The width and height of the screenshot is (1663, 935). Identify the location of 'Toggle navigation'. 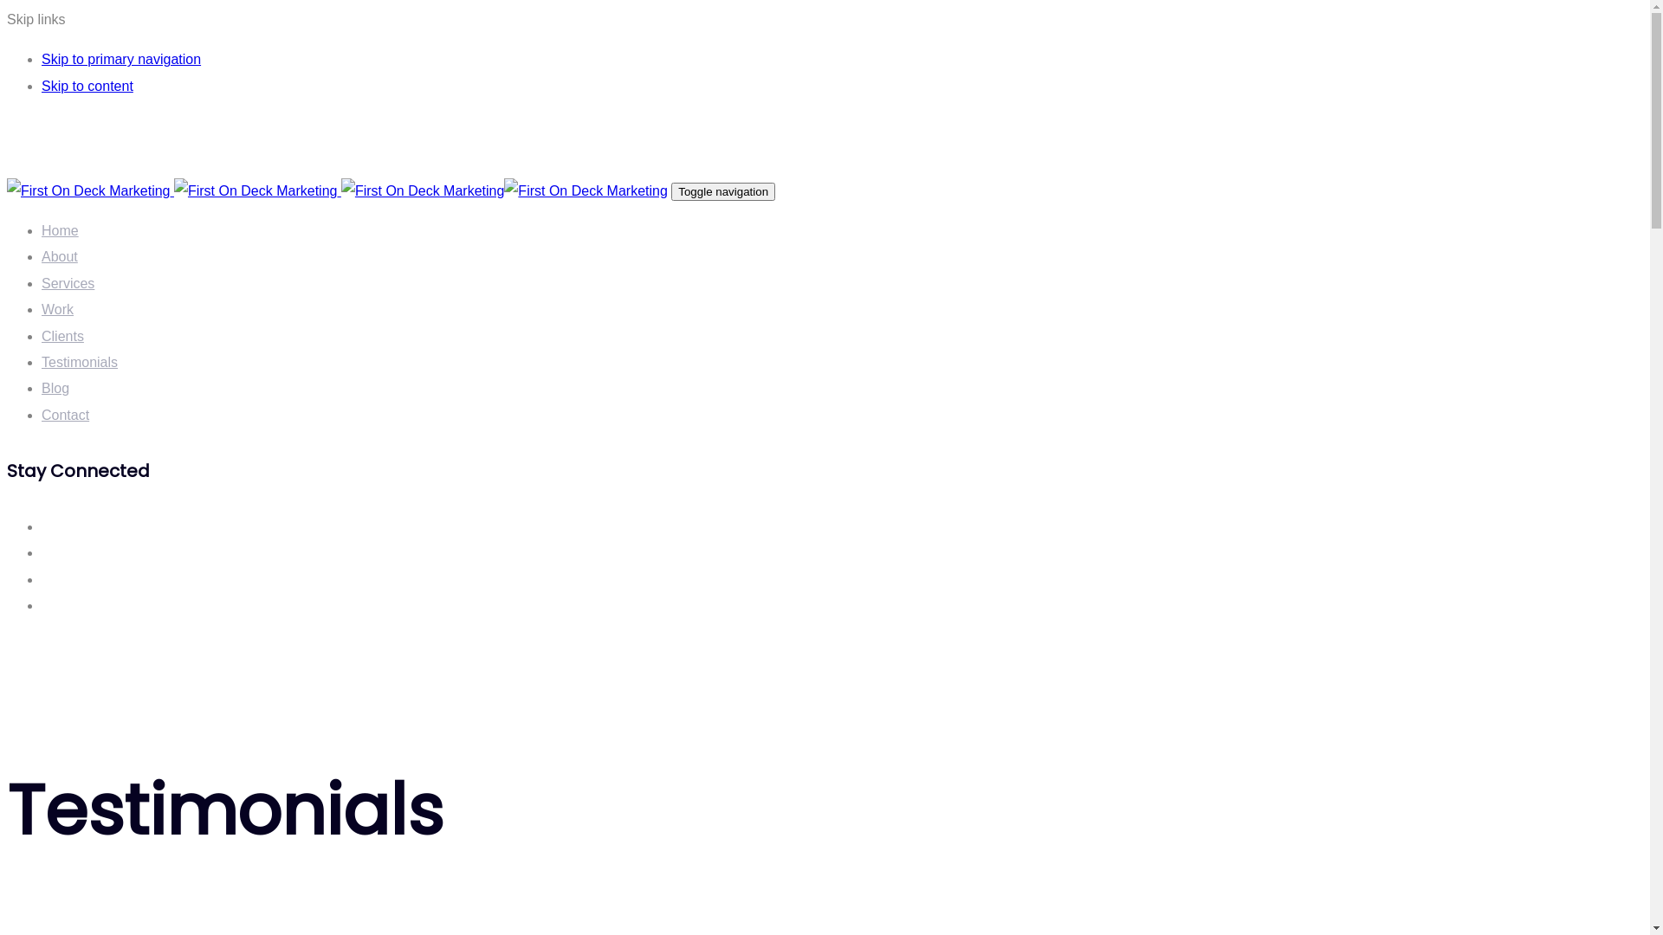
(723, 191).